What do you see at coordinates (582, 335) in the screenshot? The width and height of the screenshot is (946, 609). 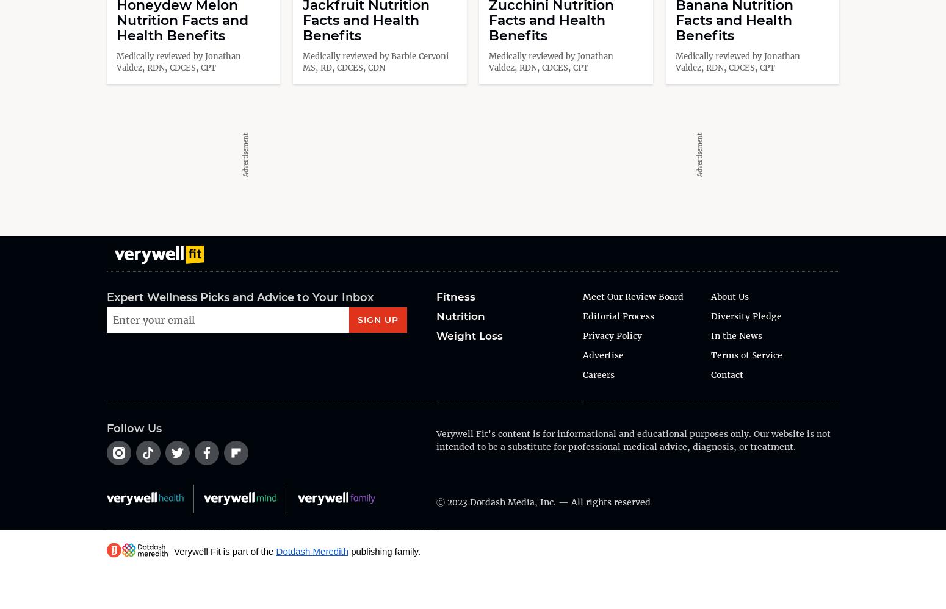 I see `'Privacy Policy'` at bounding box center [582, 335].